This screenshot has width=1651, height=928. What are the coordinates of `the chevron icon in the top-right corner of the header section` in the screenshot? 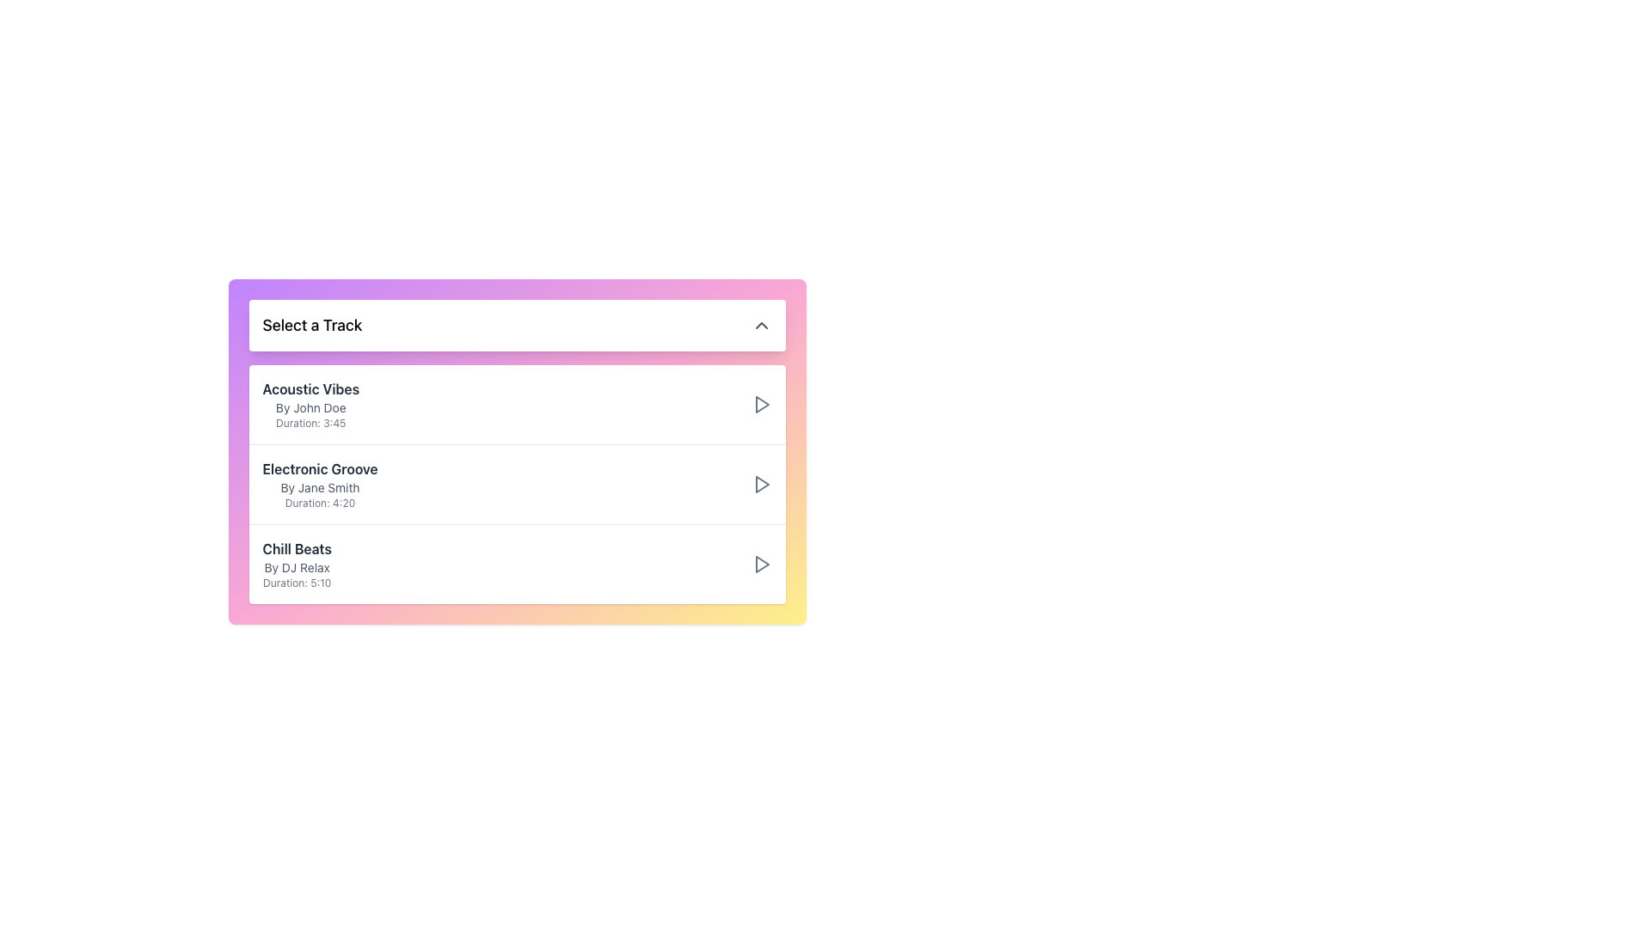 It's located at (760, 325).